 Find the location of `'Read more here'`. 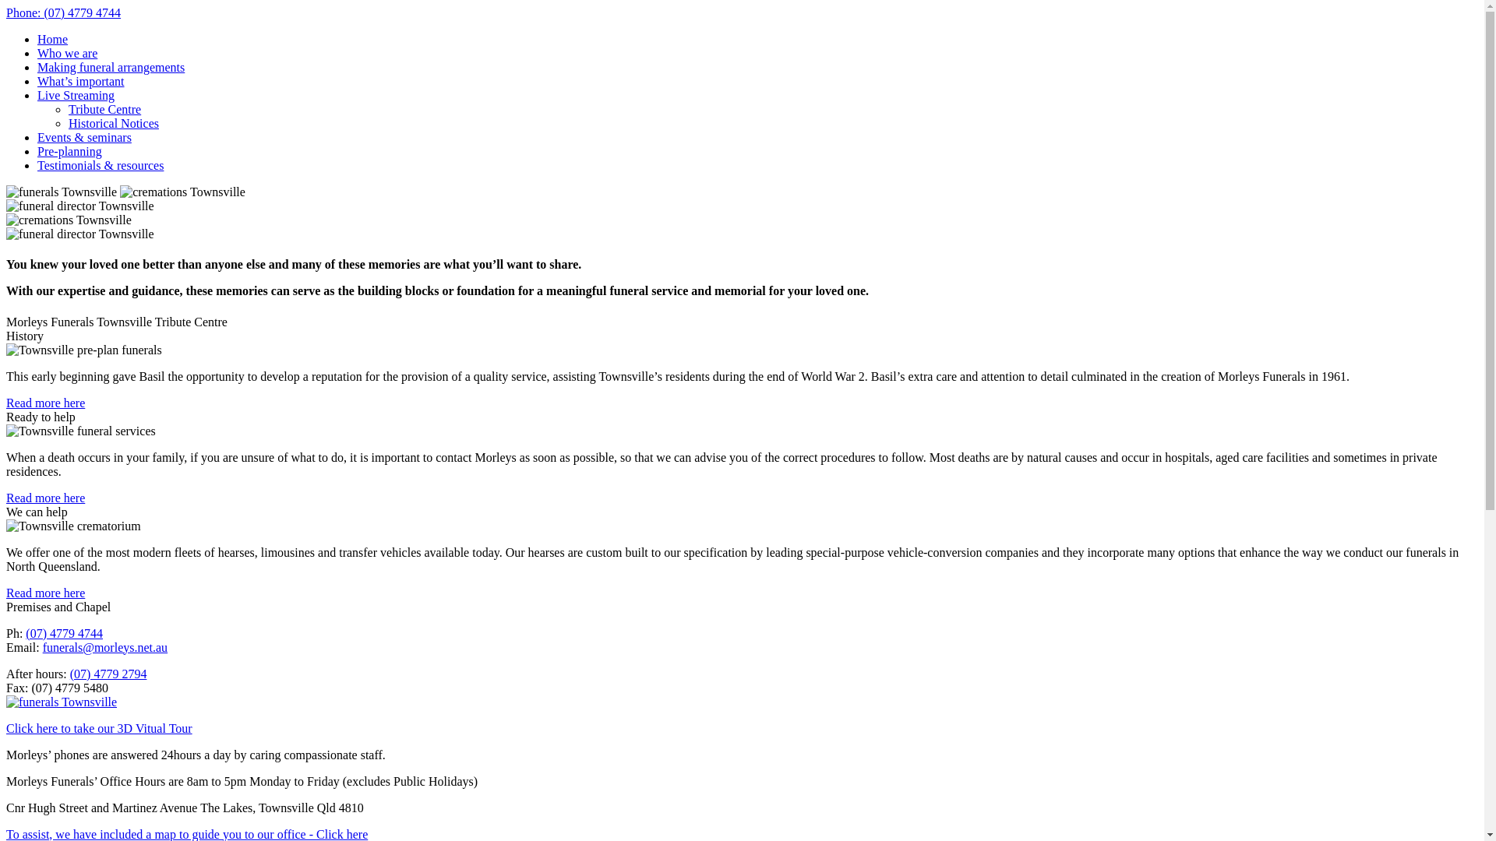

'Read more here' is located at coordinates (6, 402).